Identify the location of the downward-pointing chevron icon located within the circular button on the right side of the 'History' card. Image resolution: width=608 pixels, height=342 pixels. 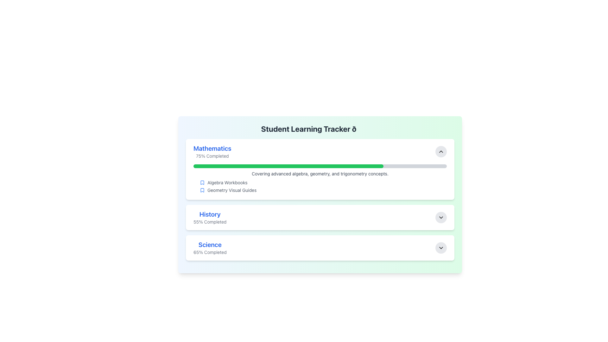
(440, 217).